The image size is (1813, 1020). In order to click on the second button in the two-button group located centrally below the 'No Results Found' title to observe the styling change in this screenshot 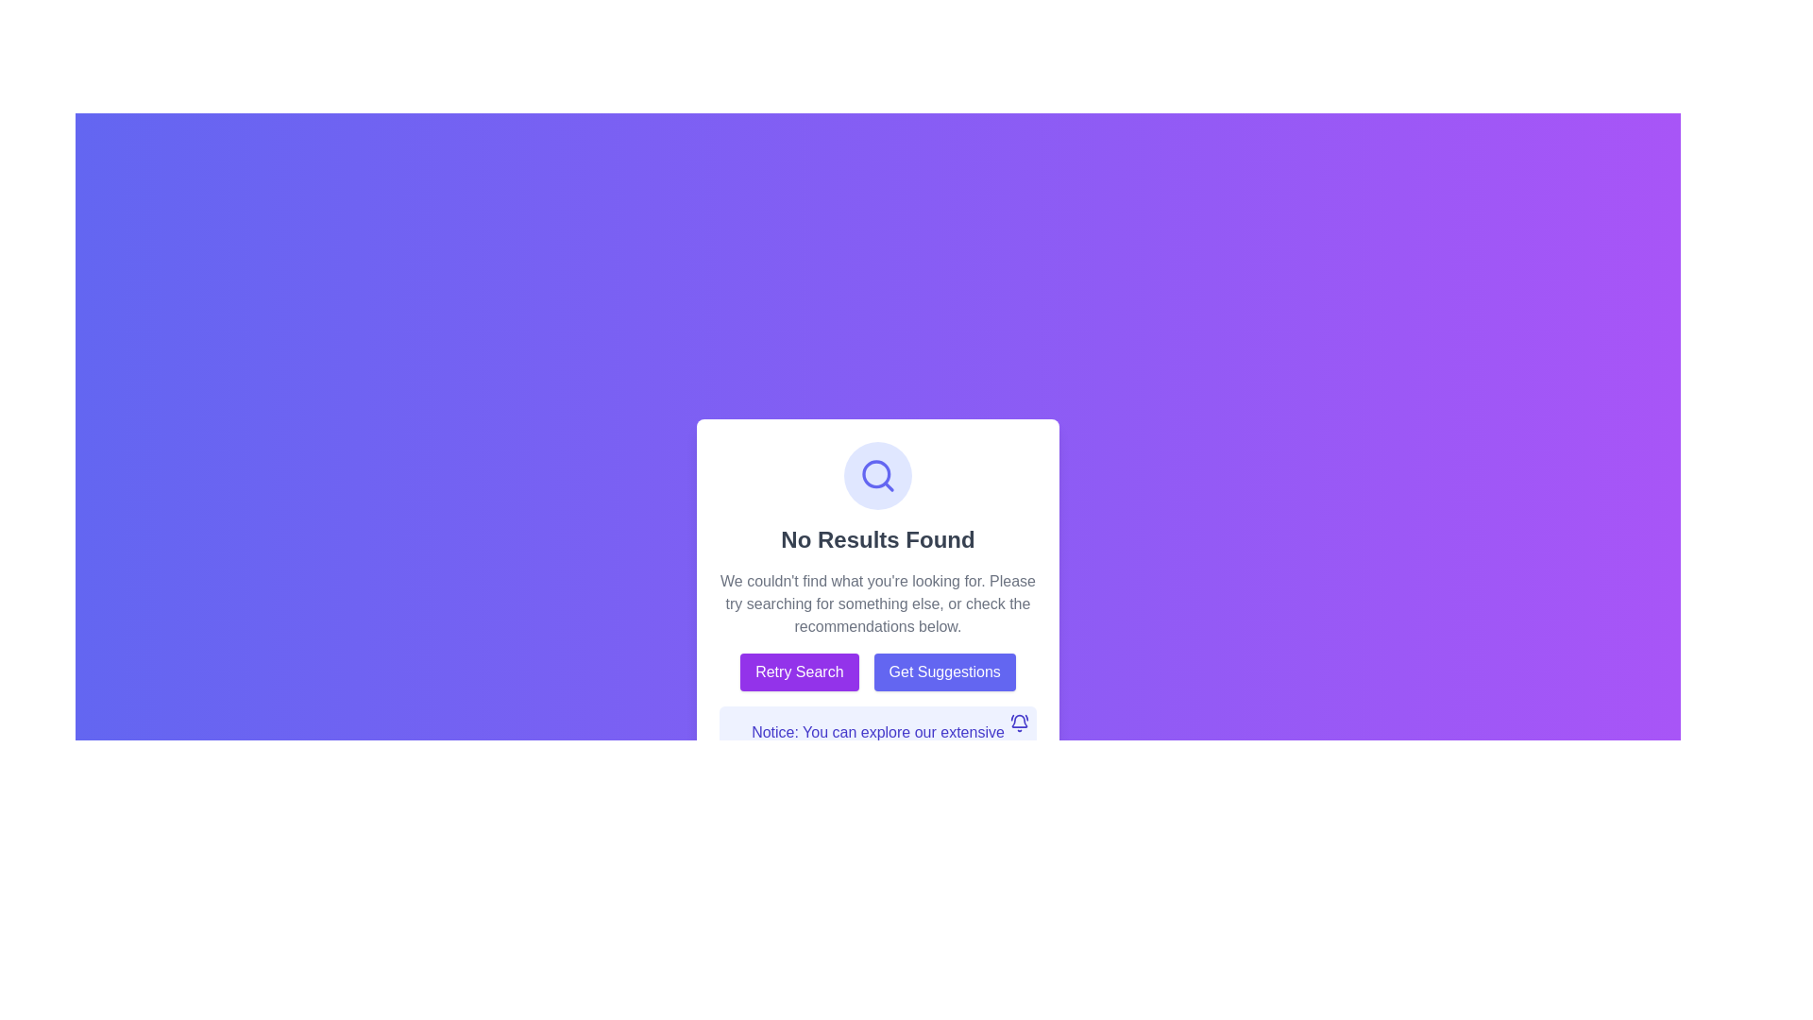, I will do `click(944, 671)`.